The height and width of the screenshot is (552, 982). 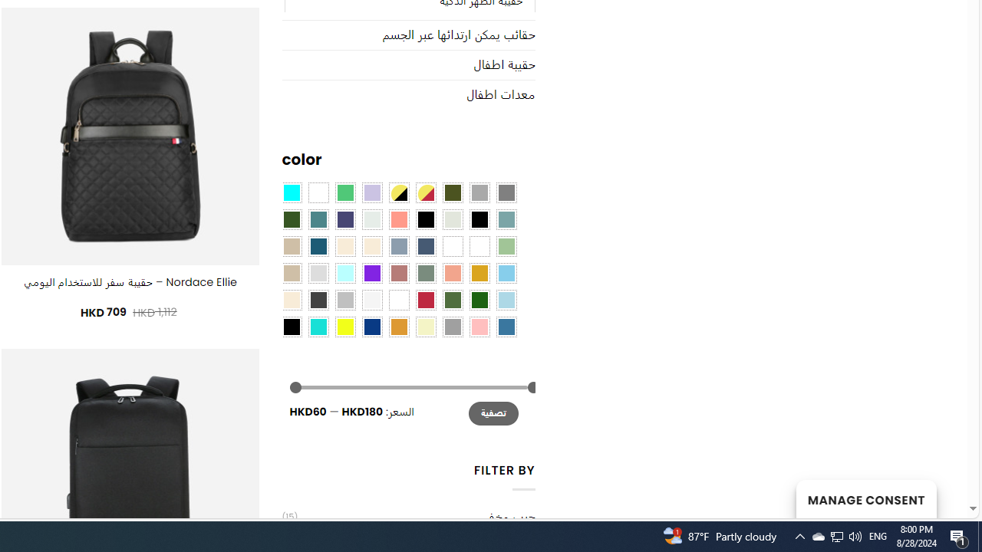 I want to click on 'Hale Navy', so click(x=425, y=245).